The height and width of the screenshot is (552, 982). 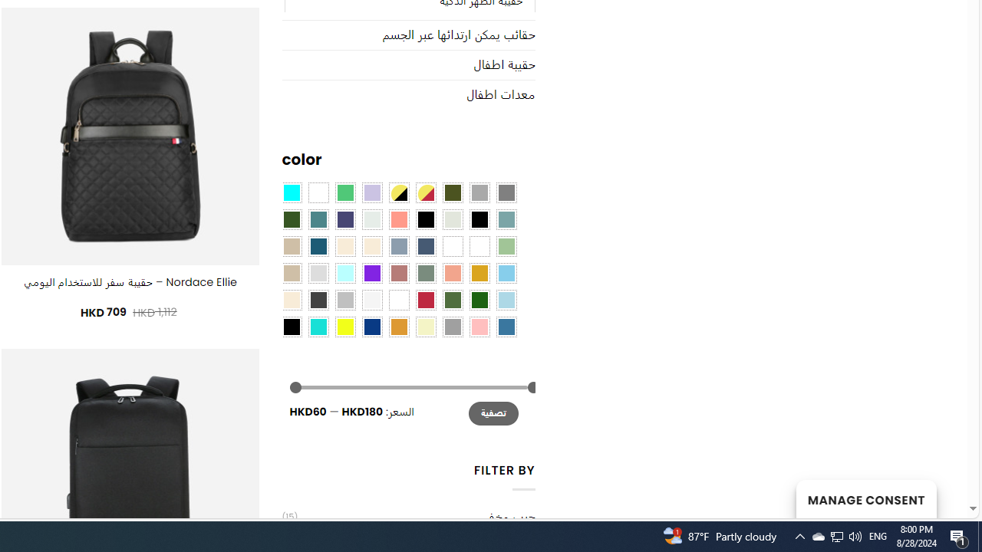 I want to click on 'Hale Navy', so click(x=425, y=245).